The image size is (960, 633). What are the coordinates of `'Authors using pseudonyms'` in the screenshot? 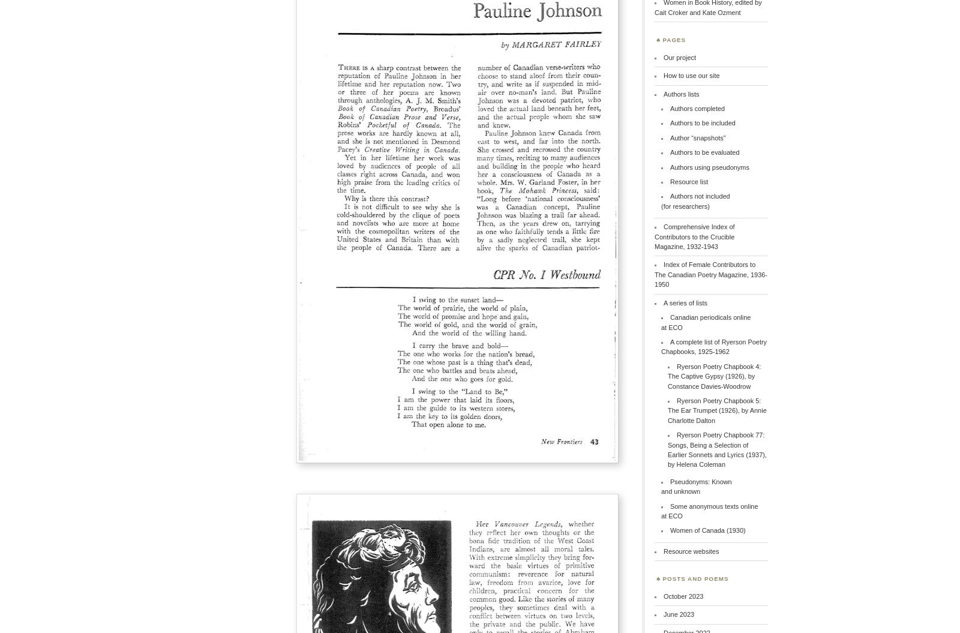 It's located at (709, 166).